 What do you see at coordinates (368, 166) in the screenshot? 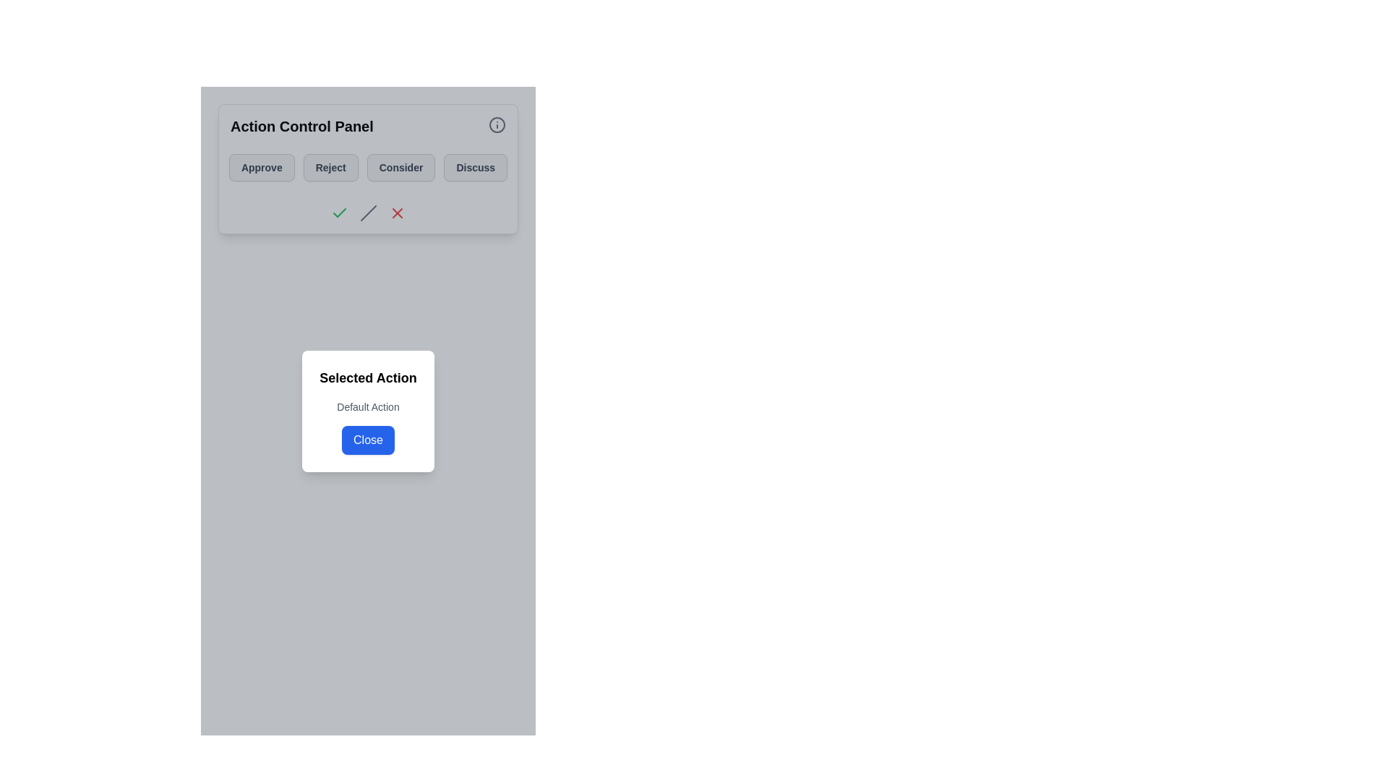
I see `the 'Consider' button, the third button in the 'Action Control Panel', using keyboard navigation` at bounding box center [368, 166].